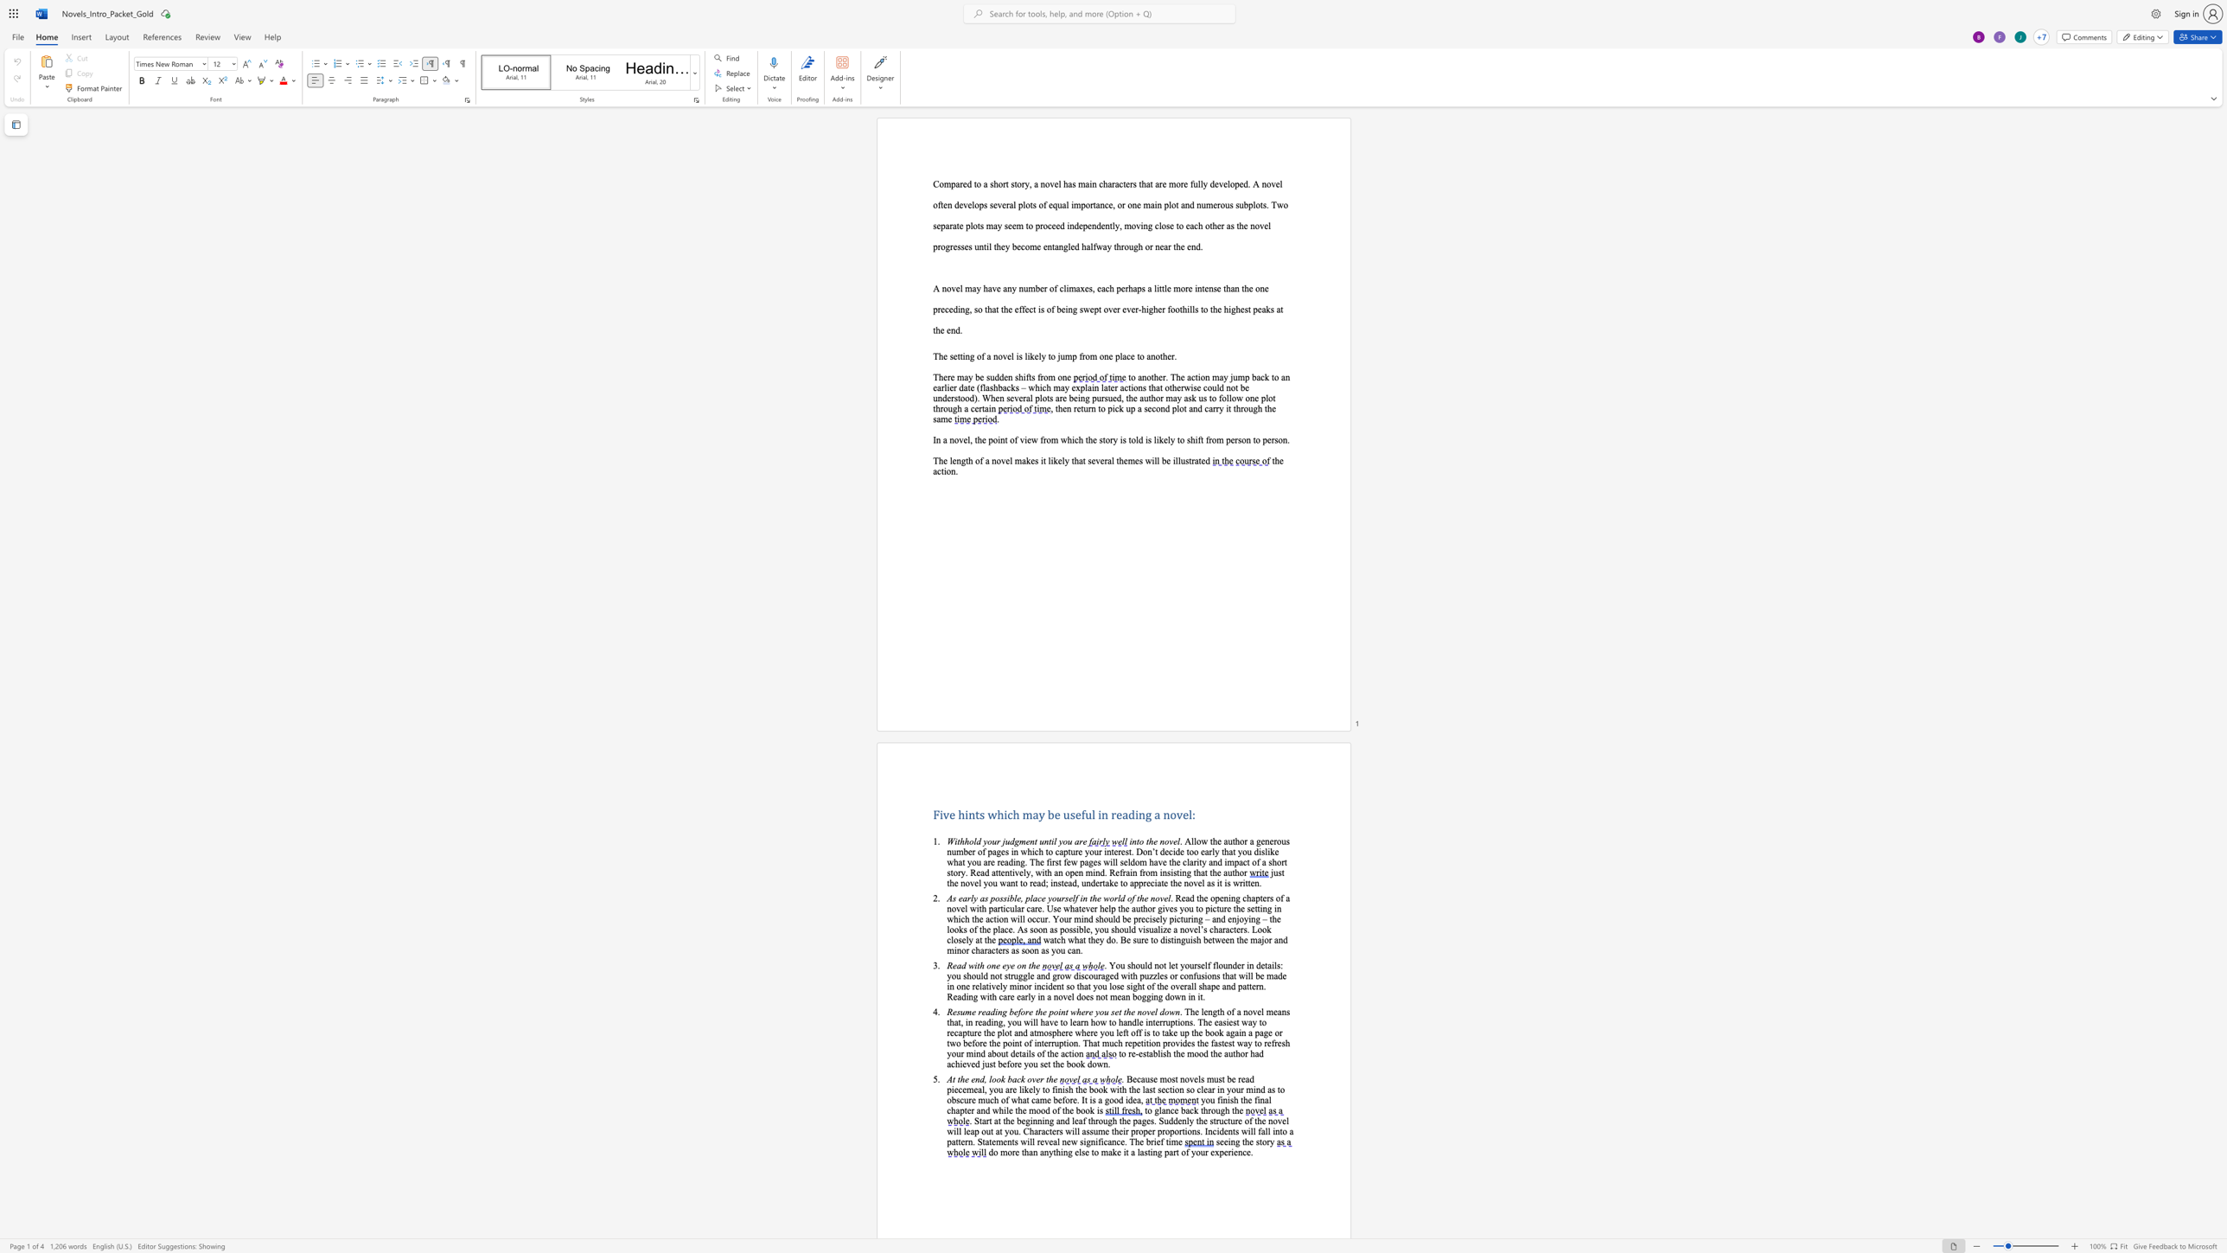  What do you see at coordinates (1132, 841) in the screenshot?
I see `the space between the continuous character "i" and "n" in the text` at bounding box center [1132, 841].